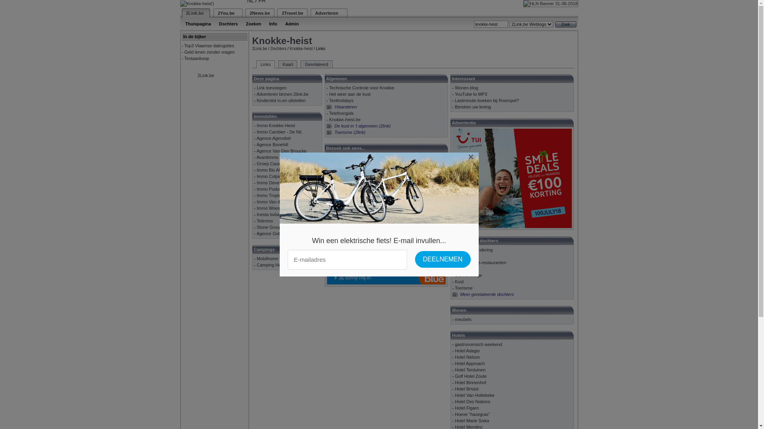 The height and width of the screenshot is (429, 764). Describe the element at coordinates (287, 64) in the screenshot. I see `'Kaart'` at that location.